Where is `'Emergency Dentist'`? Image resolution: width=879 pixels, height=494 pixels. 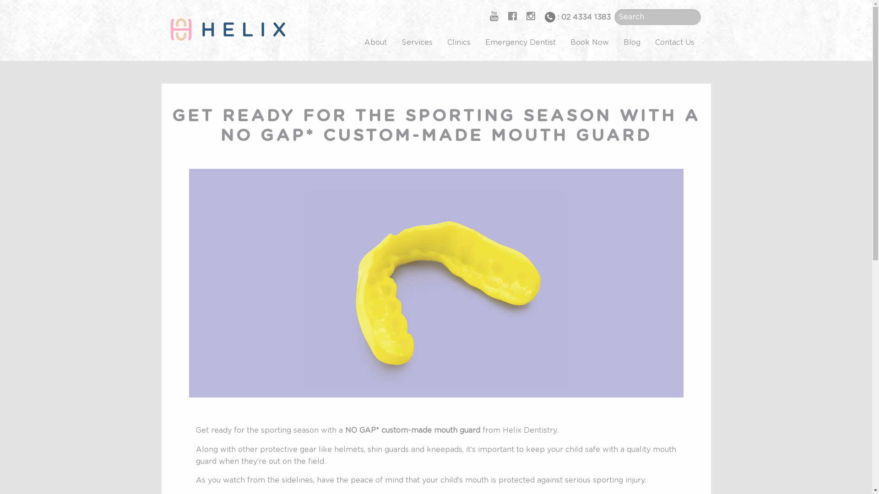
'Emergency Dentist' is located at coordinates (521, 42).